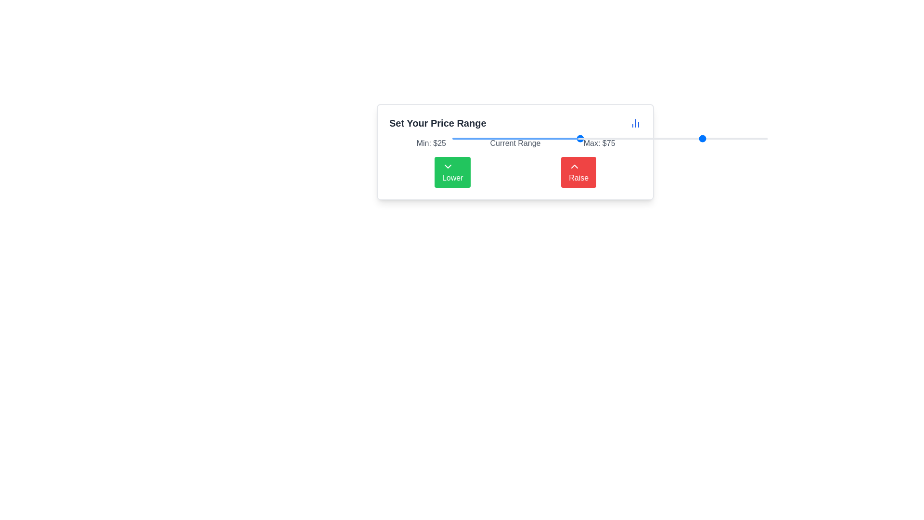 Image resolution: width=924 pixels, height=520 pixels. What do you see at coordinates (578, 172) in the screenshot?
I see `the red 'Raise' button, which has a white upward arrow icon and is located under the price range slider` at bounding box center [578, 172].